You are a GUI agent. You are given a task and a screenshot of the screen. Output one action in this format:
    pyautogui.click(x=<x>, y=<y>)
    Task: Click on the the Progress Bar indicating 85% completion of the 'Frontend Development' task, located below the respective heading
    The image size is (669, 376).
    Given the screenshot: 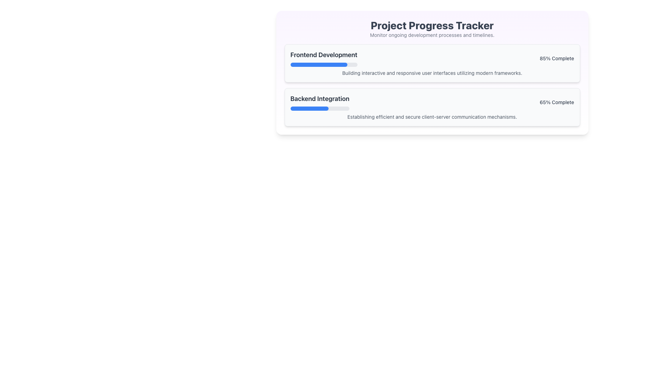 What is the action you would take?
    pyautogui.click(x=323, y=64)
    